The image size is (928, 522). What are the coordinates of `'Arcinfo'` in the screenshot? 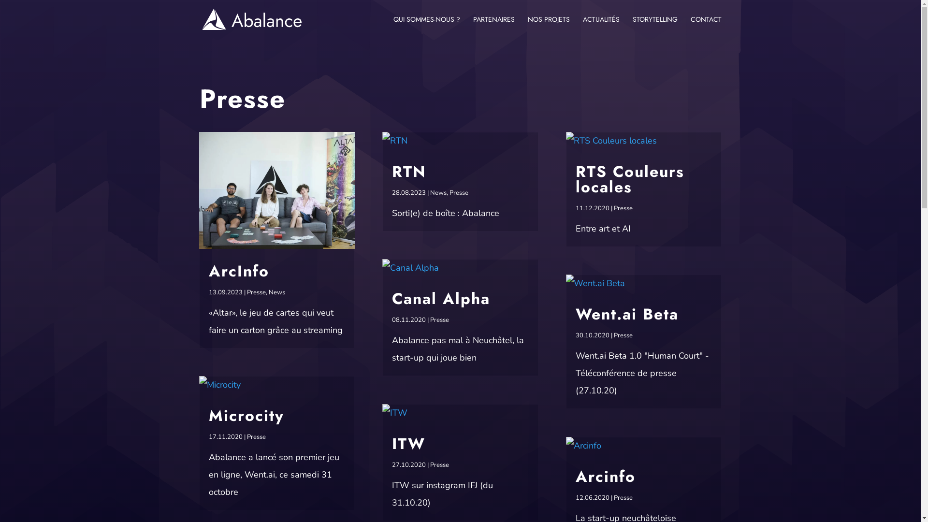 It's located at (605, 476).